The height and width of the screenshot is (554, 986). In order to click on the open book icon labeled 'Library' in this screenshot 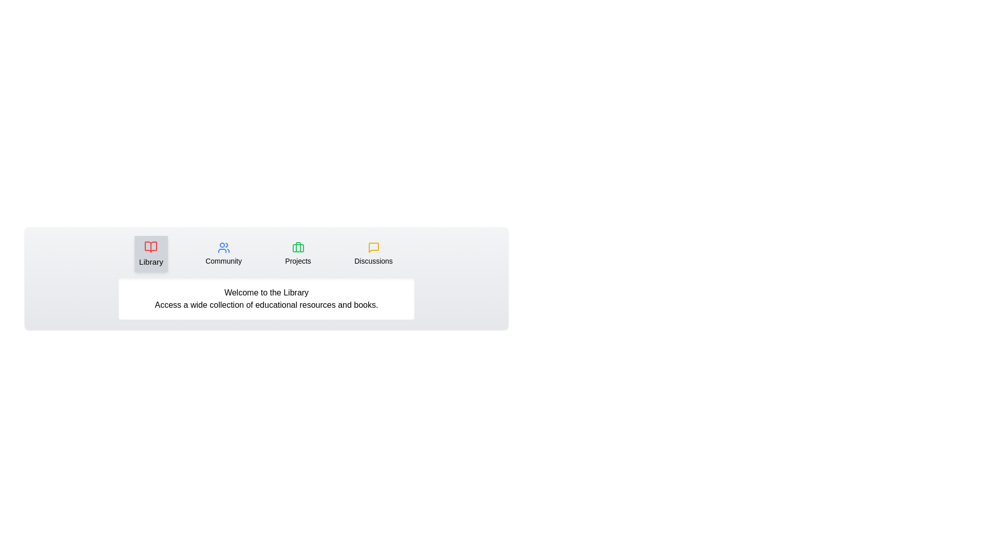, I will do `click(150, 247)`.